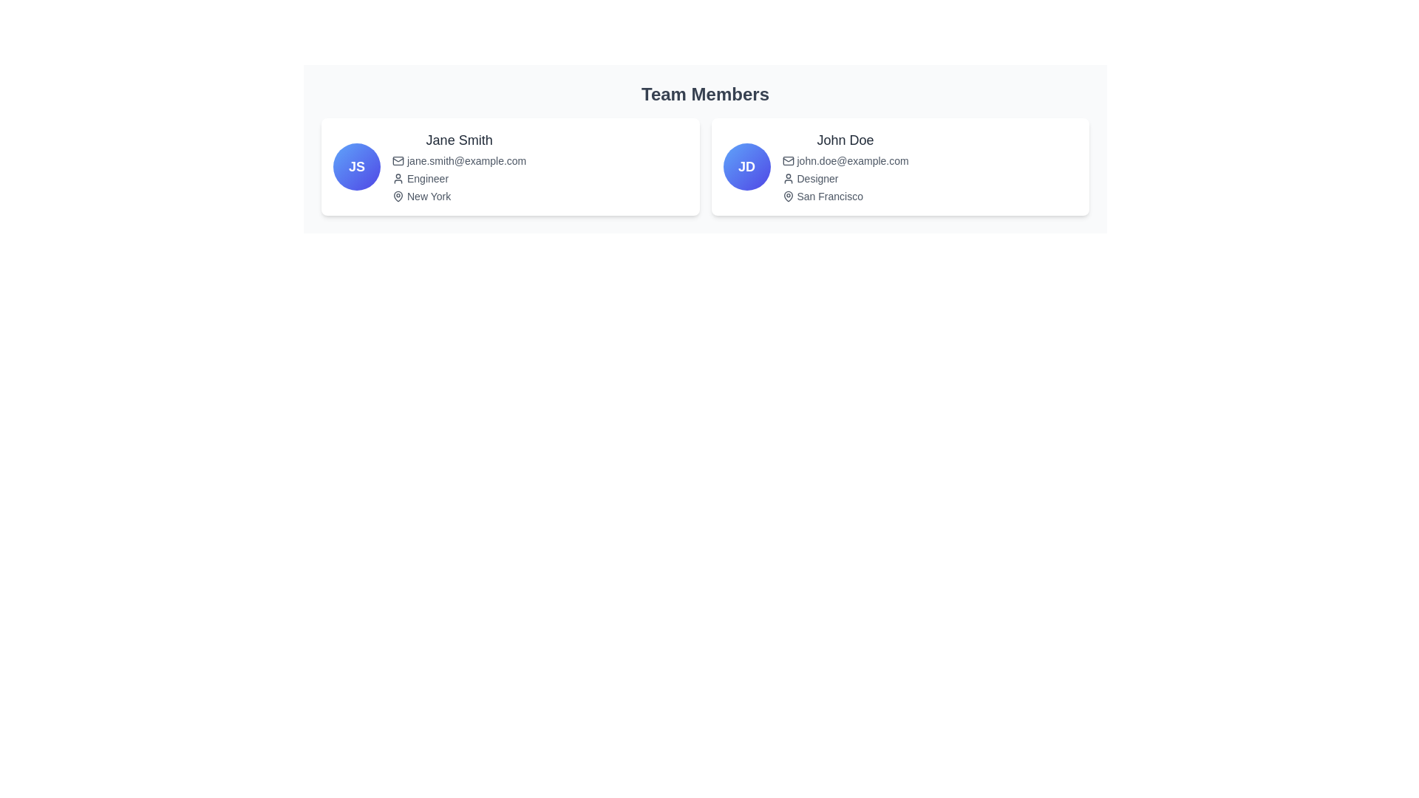 The width and height of the screenshot is (1419, 798). What do you see at coordinates (787, 161) in the screenshot?
I see `the SVG rectangle that serves as part of the email icon, located within the profile card for 'John Doe'` at bounding box center [787, 161].